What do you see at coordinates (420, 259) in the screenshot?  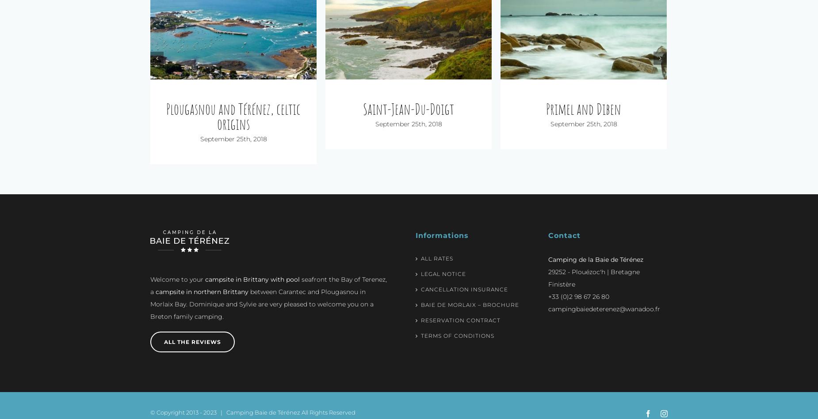 I see `'Legal Notice'` at bounding box center [420, 259].